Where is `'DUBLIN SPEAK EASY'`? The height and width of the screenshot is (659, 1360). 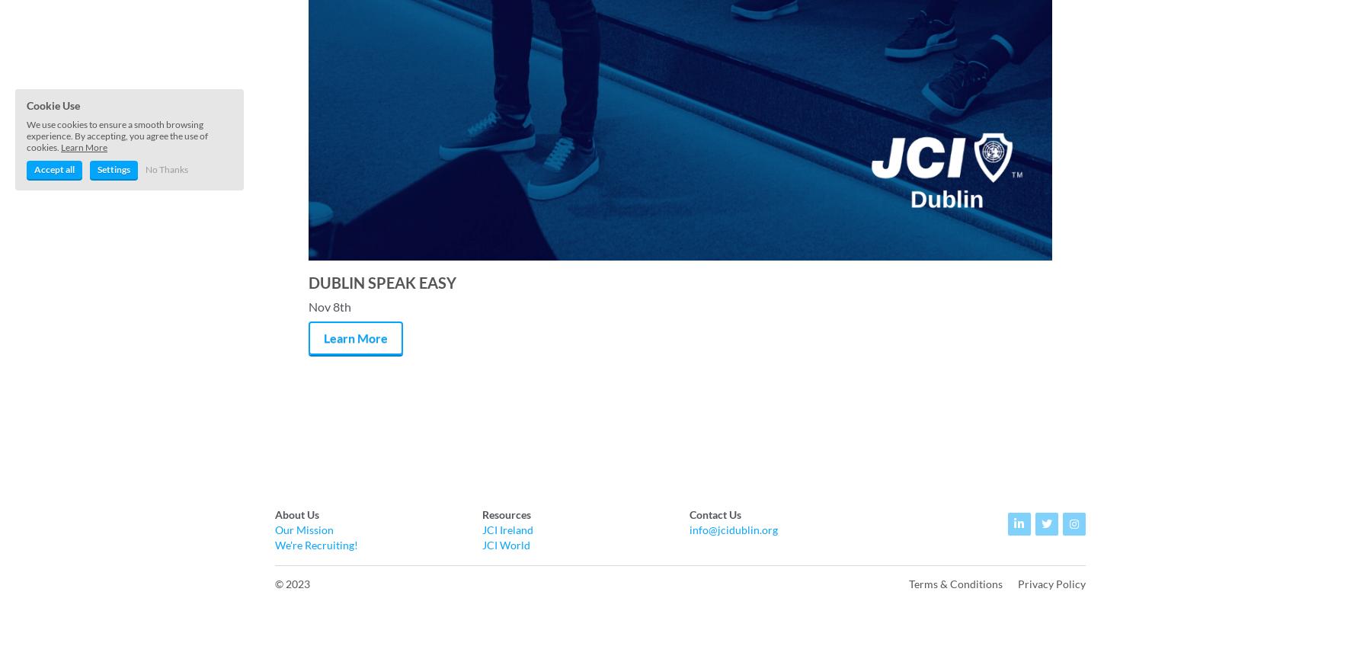 'DUBLIN SPEAK EASY' is located at coordinates (381, 281).